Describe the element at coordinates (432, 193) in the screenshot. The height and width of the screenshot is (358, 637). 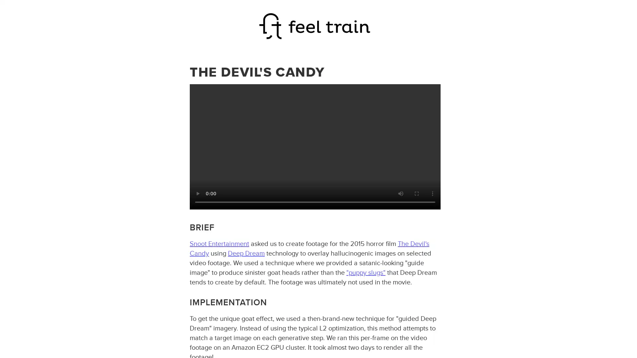
I see `show more media controls` at that location.